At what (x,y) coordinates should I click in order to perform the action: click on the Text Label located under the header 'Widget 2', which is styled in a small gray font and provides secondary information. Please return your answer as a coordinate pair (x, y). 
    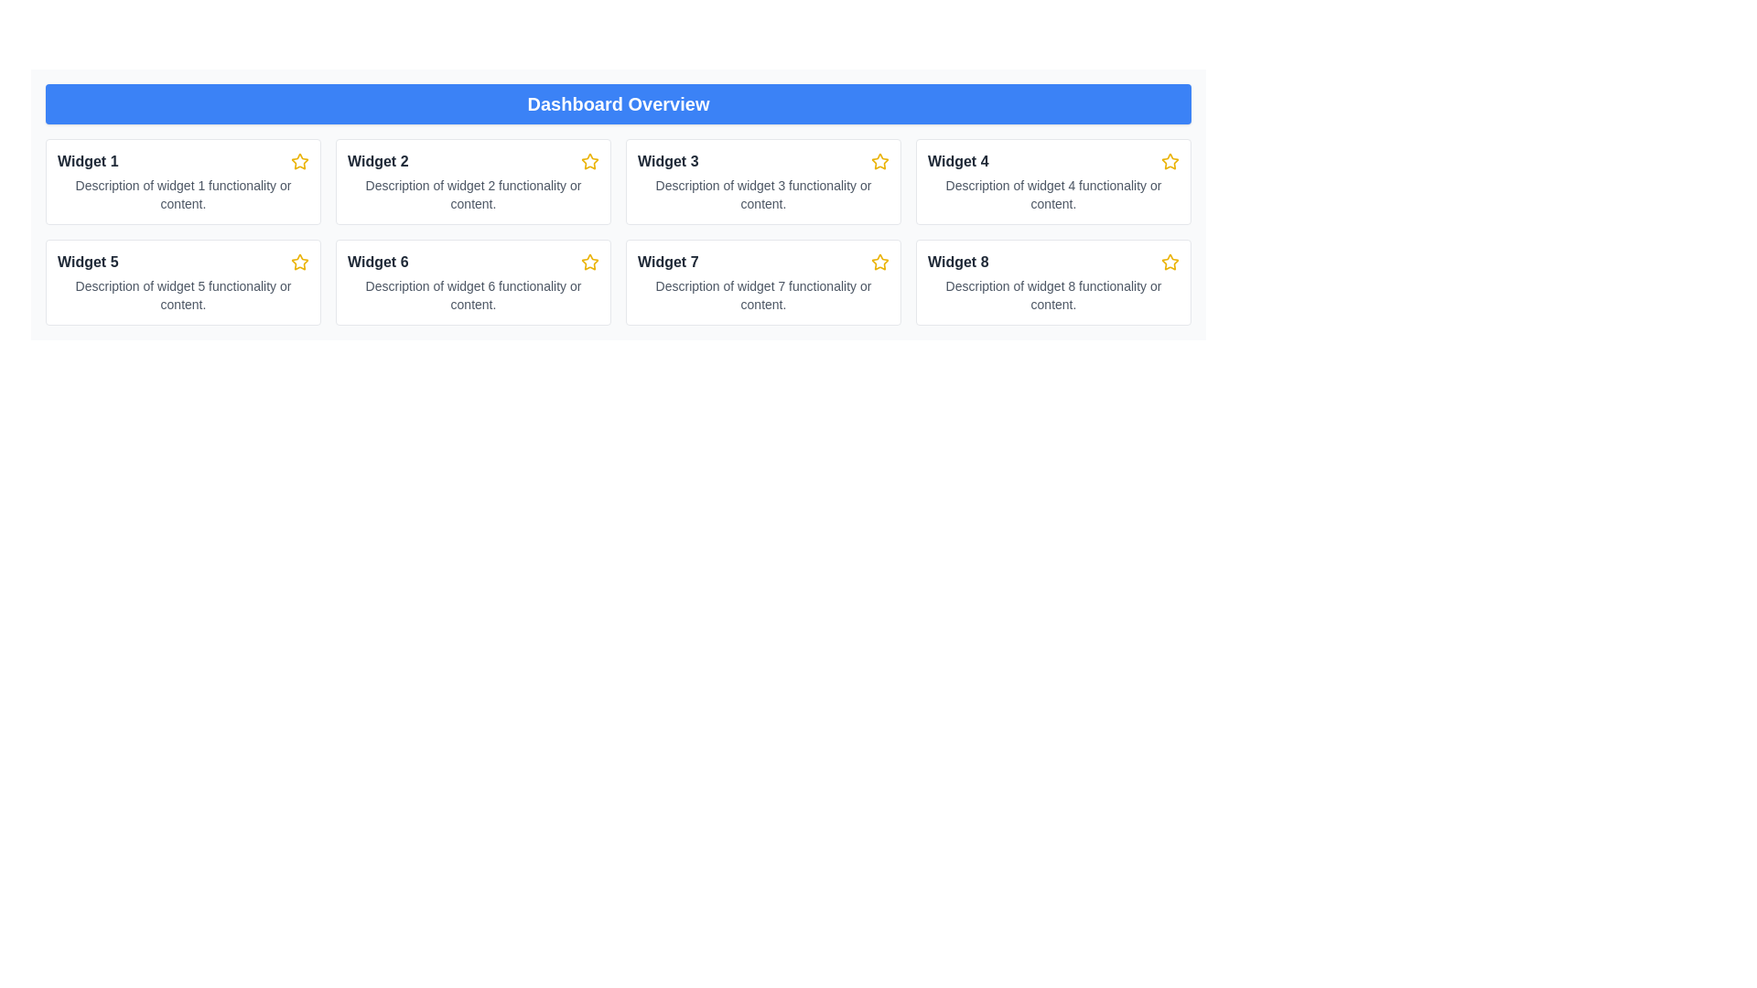
    Looking at the image, I should click on (473, 194).